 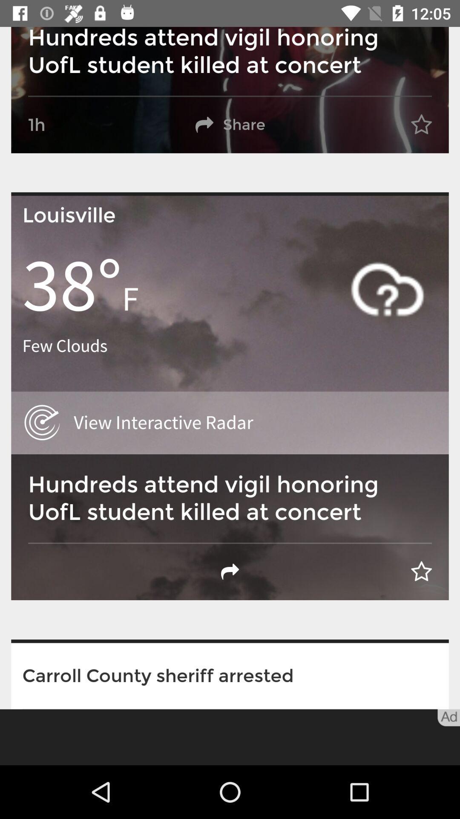 I want to click on the star icon shown on the top right corner of second image, so click(x=422, y=572).